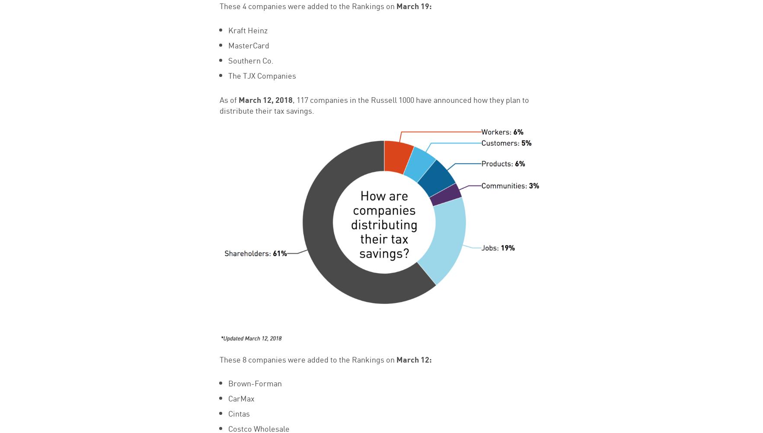  I want to click on ', 117 companies in the Russell 1000 have announced how they plan to distribute their tax savings.', so click(374, 105).